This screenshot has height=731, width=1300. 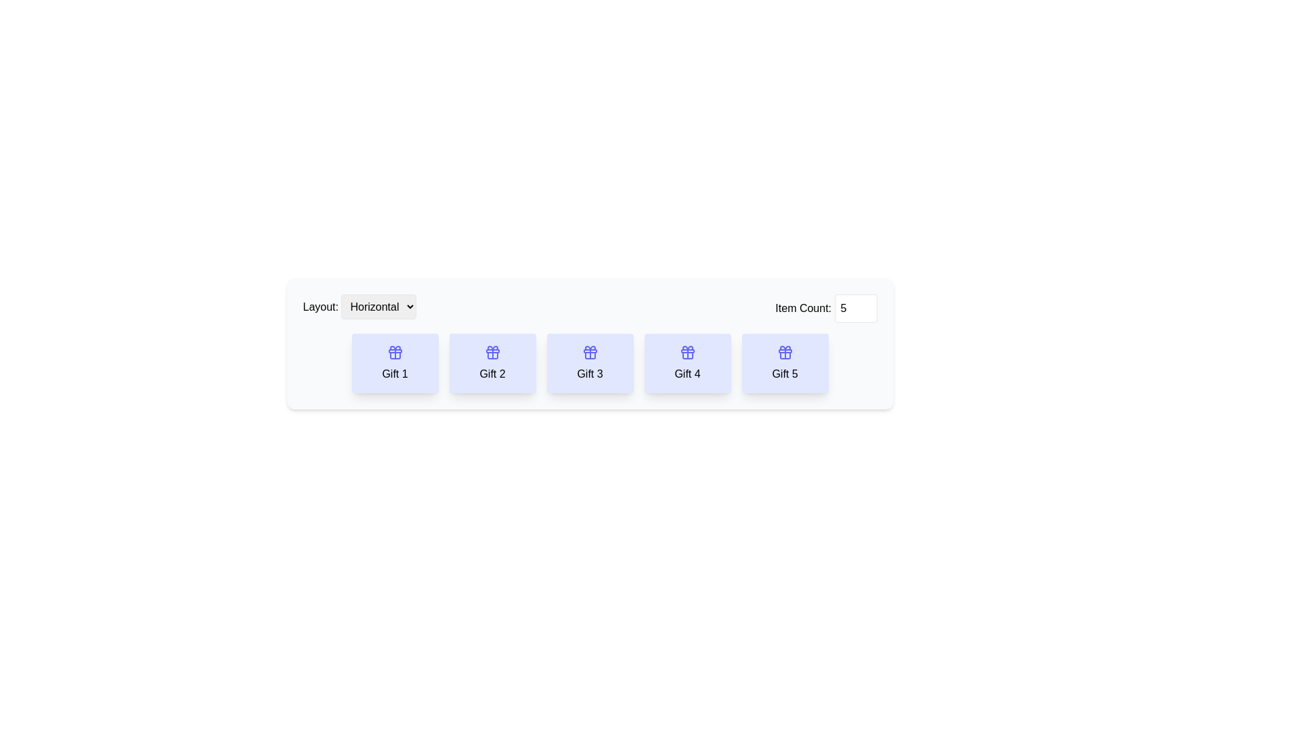 What do you see at coordinates (687, 351) in the screenshot?
I see `the gift icon labeled 'Gift 4'` at bounding box center [687, 351].